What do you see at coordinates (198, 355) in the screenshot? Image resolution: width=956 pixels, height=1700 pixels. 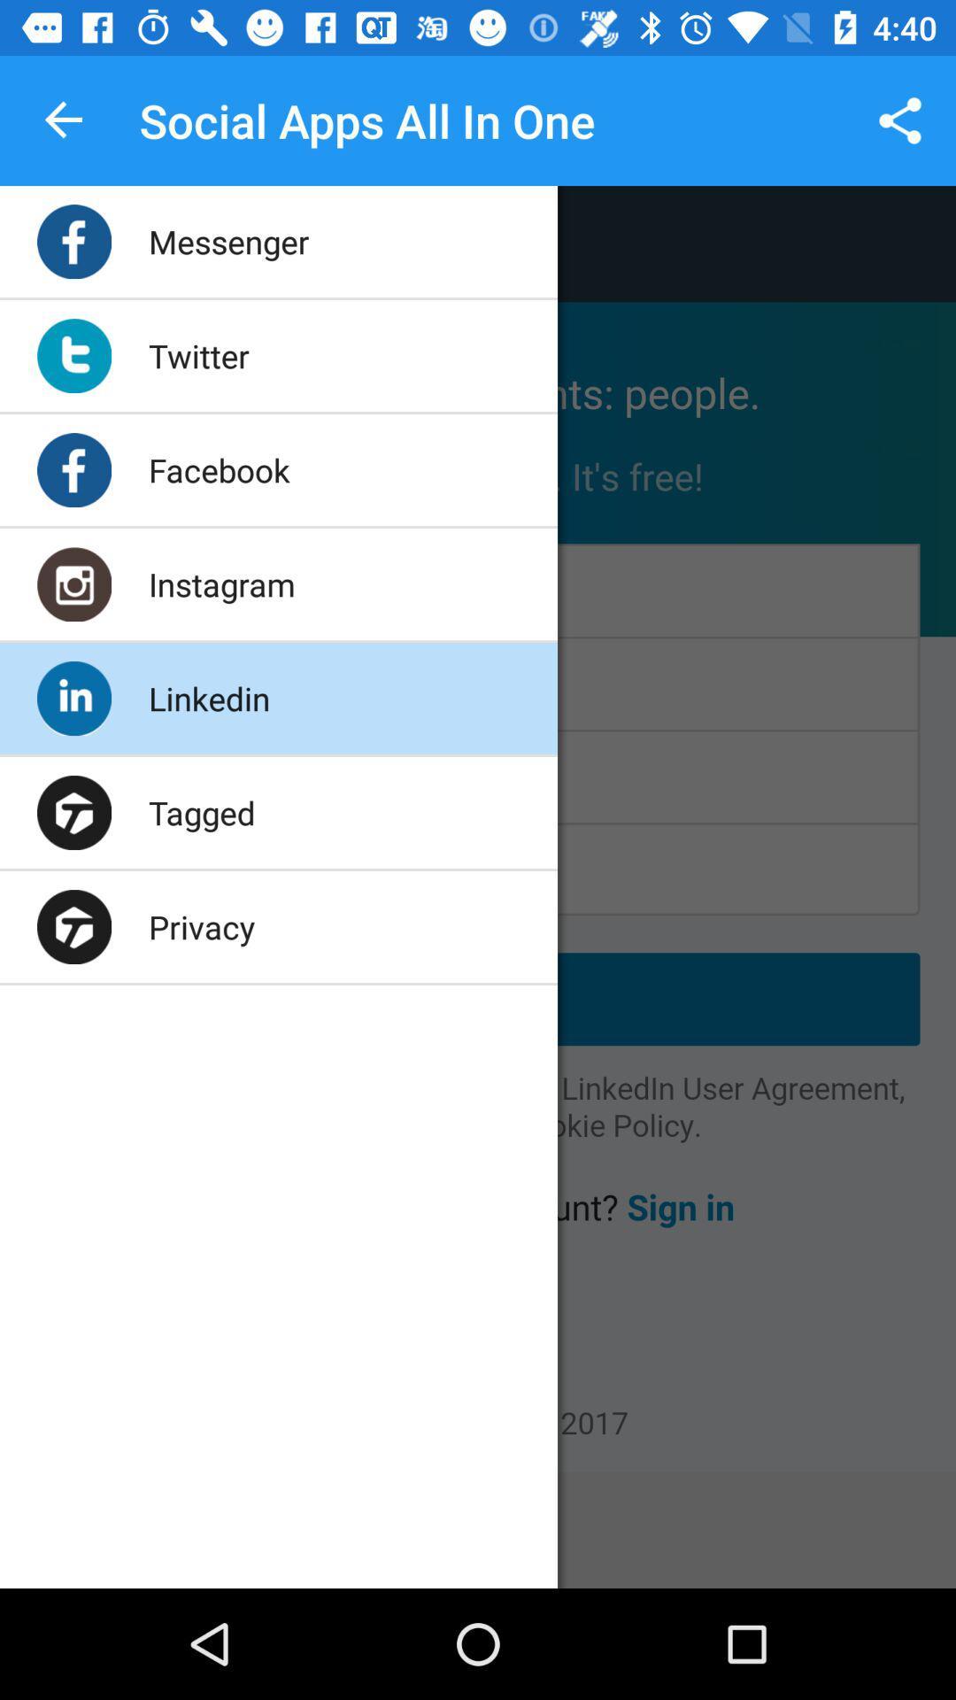 I see `icon below messenger app` at bounding box center [198, 355].